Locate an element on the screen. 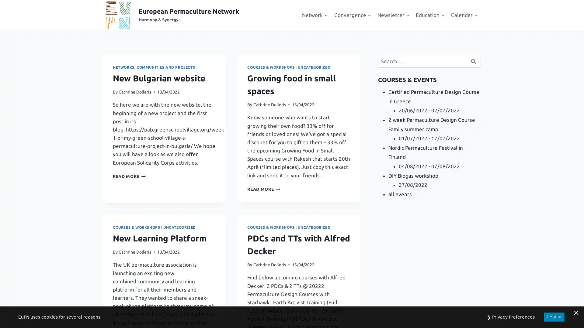 This screenshot has height=328, width=584. I Agree is located at coordinates (555, 316).